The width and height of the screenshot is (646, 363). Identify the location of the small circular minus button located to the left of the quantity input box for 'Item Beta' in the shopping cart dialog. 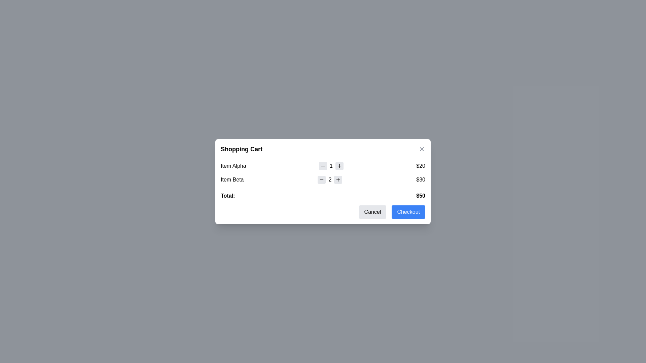
(321, 179).